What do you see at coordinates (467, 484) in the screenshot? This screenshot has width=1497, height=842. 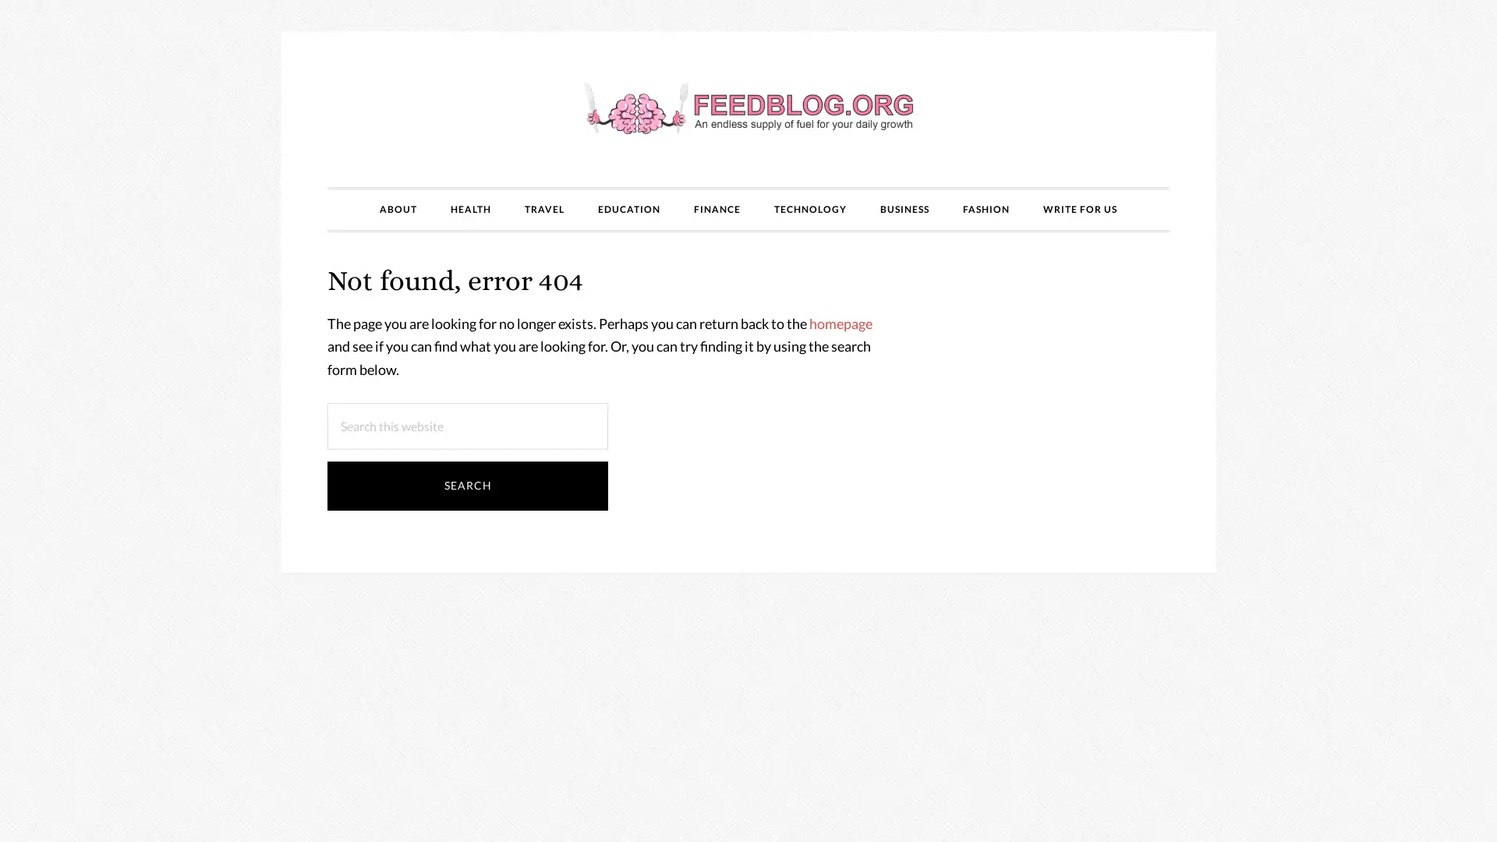 I see `Search` at bounding box center [467, 484].